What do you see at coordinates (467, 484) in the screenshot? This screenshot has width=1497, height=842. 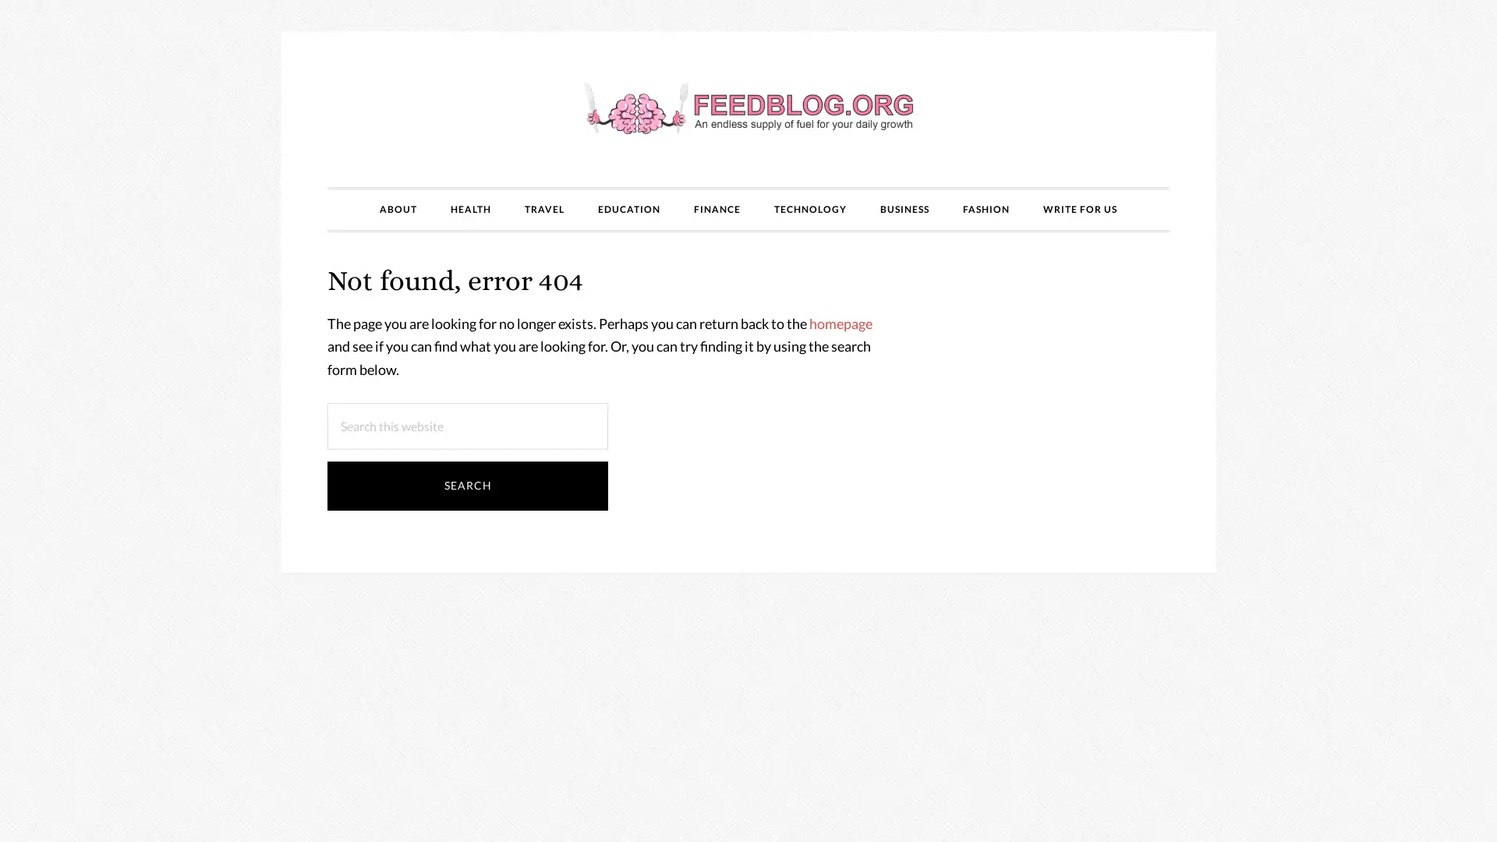 I see `Search` at bounding box center [467, 484].